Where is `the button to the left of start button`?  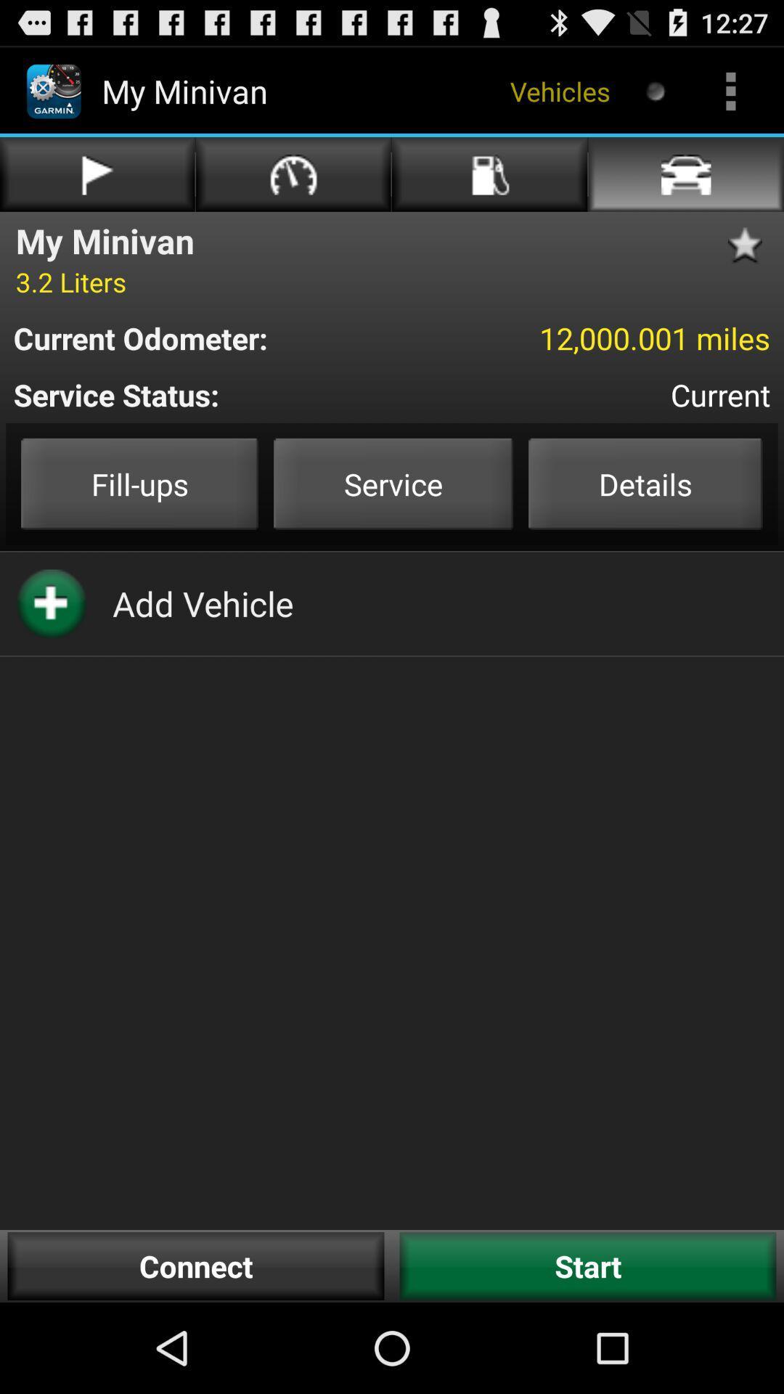 the button to the left of start button is located at coordinates (196, 1265).